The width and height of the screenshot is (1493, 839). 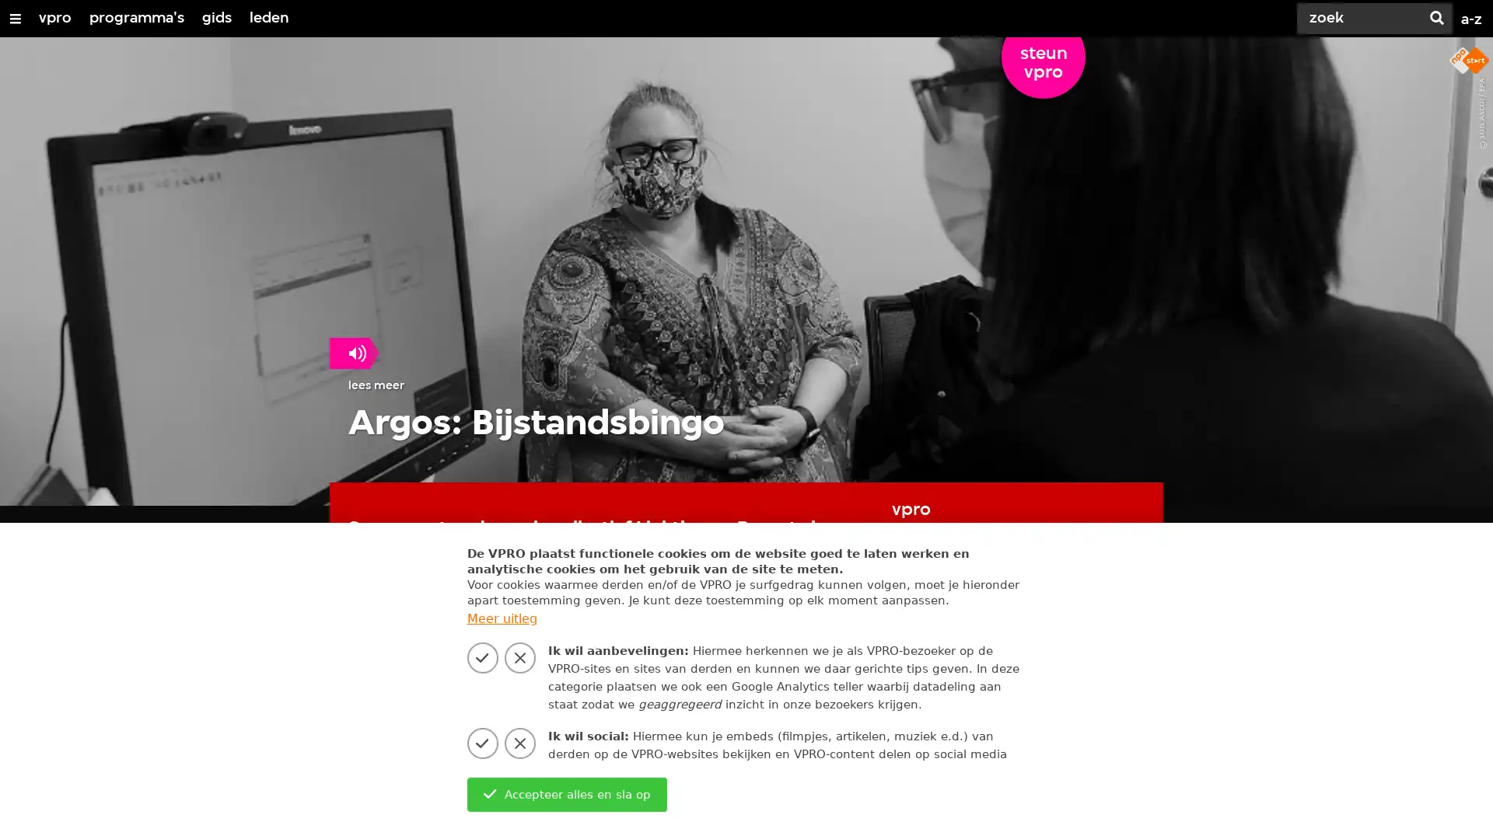 I want to click on Accepteer alles en sla op, so click(x=565, y=794).